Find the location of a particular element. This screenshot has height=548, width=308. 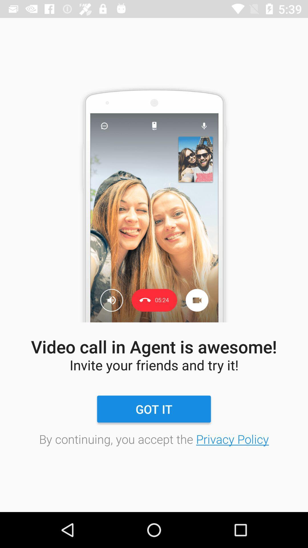

the by continuing you icon is located at coordinates (154, 439).